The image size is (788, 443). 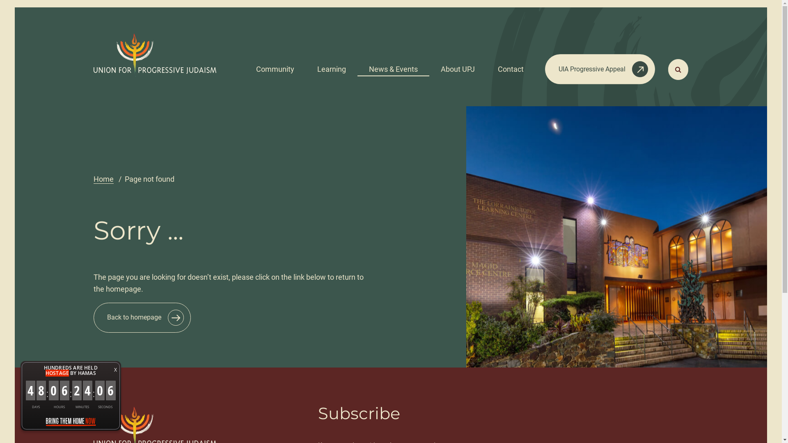 I want to click on 'Back to homepage', so click(x=93, y=317).